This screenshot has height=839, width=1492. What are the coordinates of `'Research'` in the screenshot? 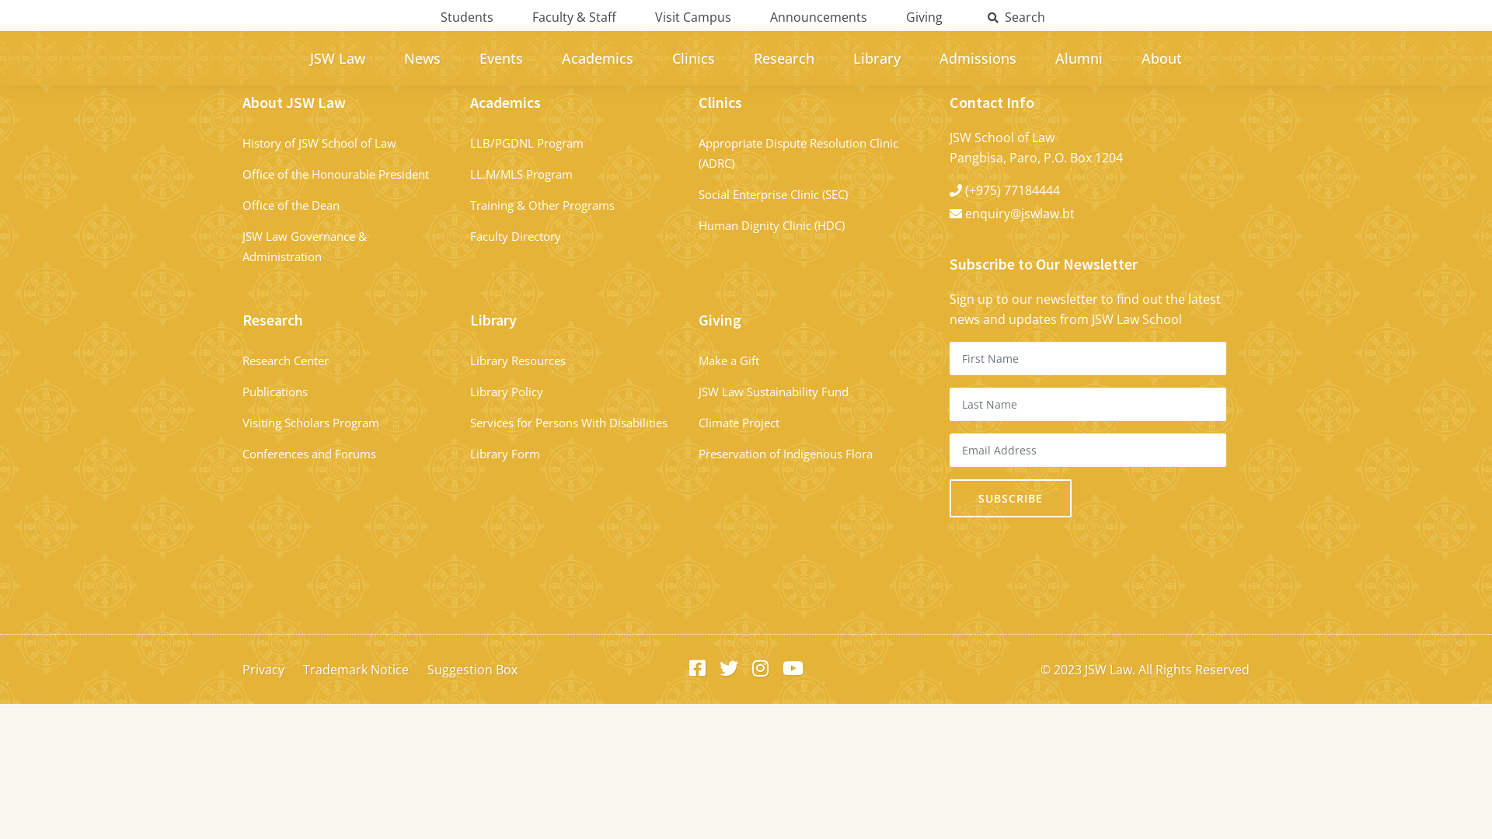 It's located at (783, 57).